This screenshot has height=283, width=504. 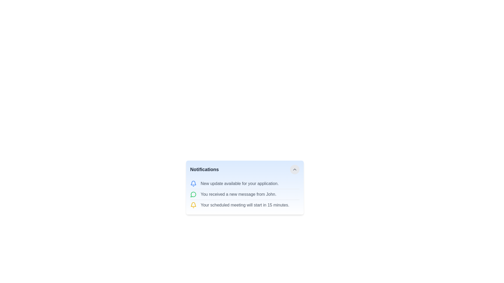 I want to click on the Text Label element that displays the message 'Your scheduled meeting will start in 15 minutes.' located in the third notification row, next to a yellow bell icon, so click(x=245, y=205).